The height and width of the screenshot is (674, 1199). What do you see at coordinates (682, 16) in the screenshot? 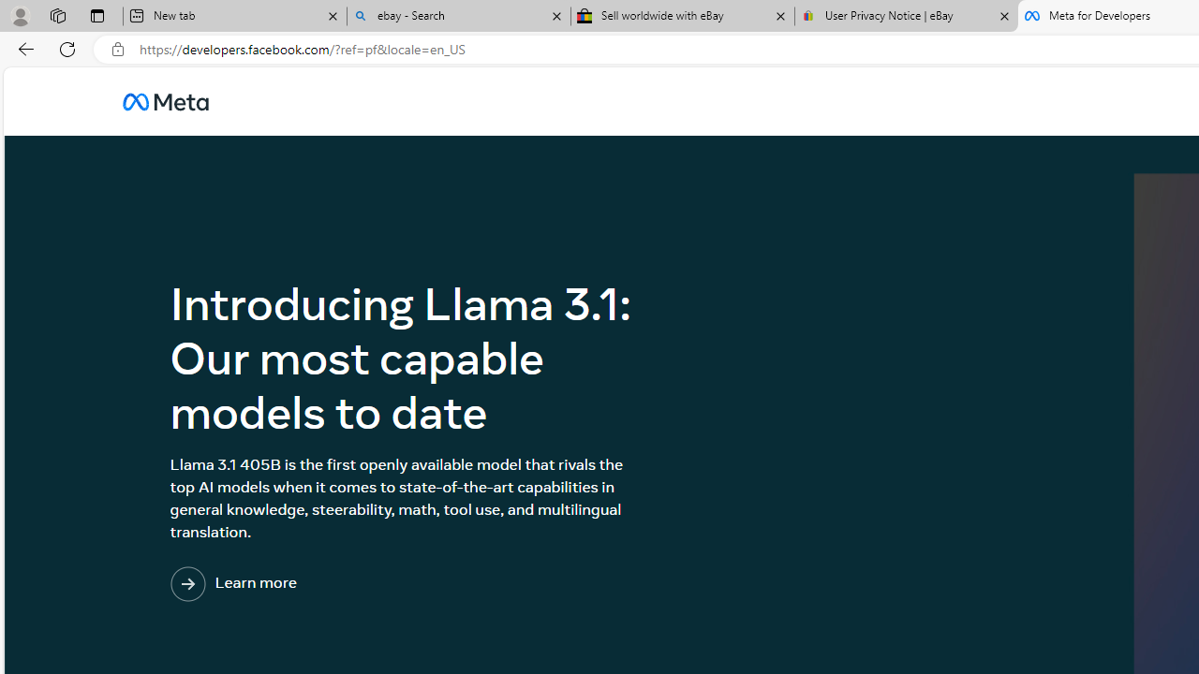
I see `'Sell worldwide with eBay'` at bounding box center [682, 16].